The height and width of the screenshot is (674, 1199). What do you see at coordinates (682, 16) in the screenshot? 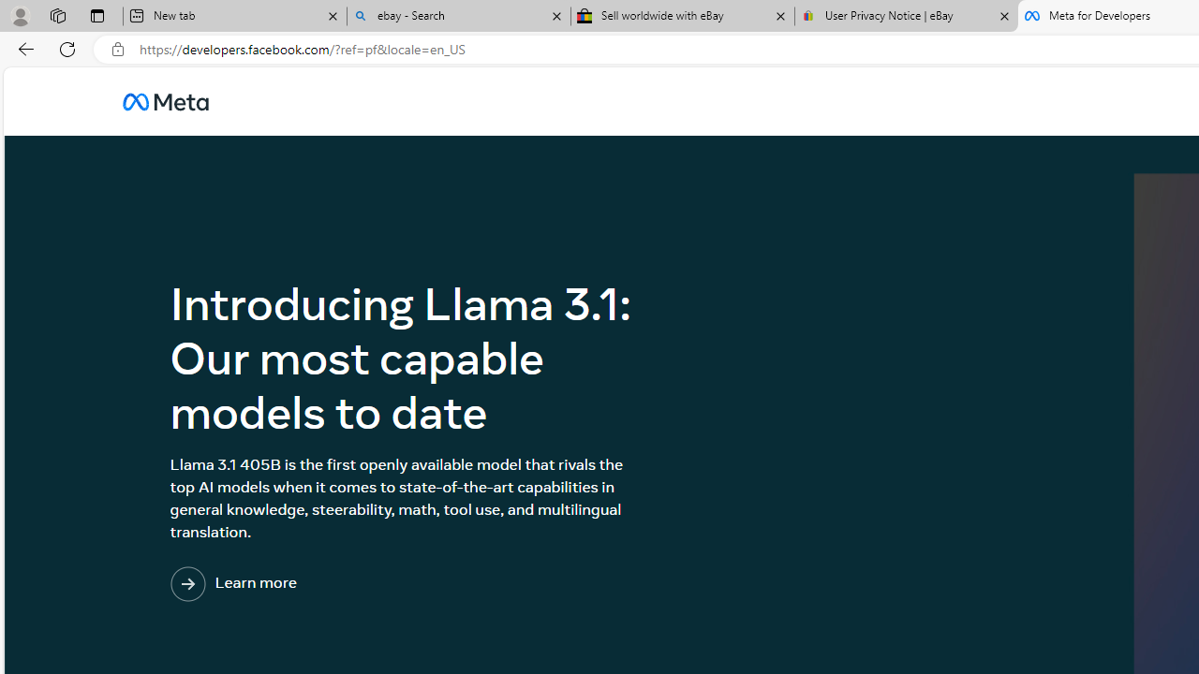
I see `'Sell worldwide with eBay'` at bounding box center [682, 16].